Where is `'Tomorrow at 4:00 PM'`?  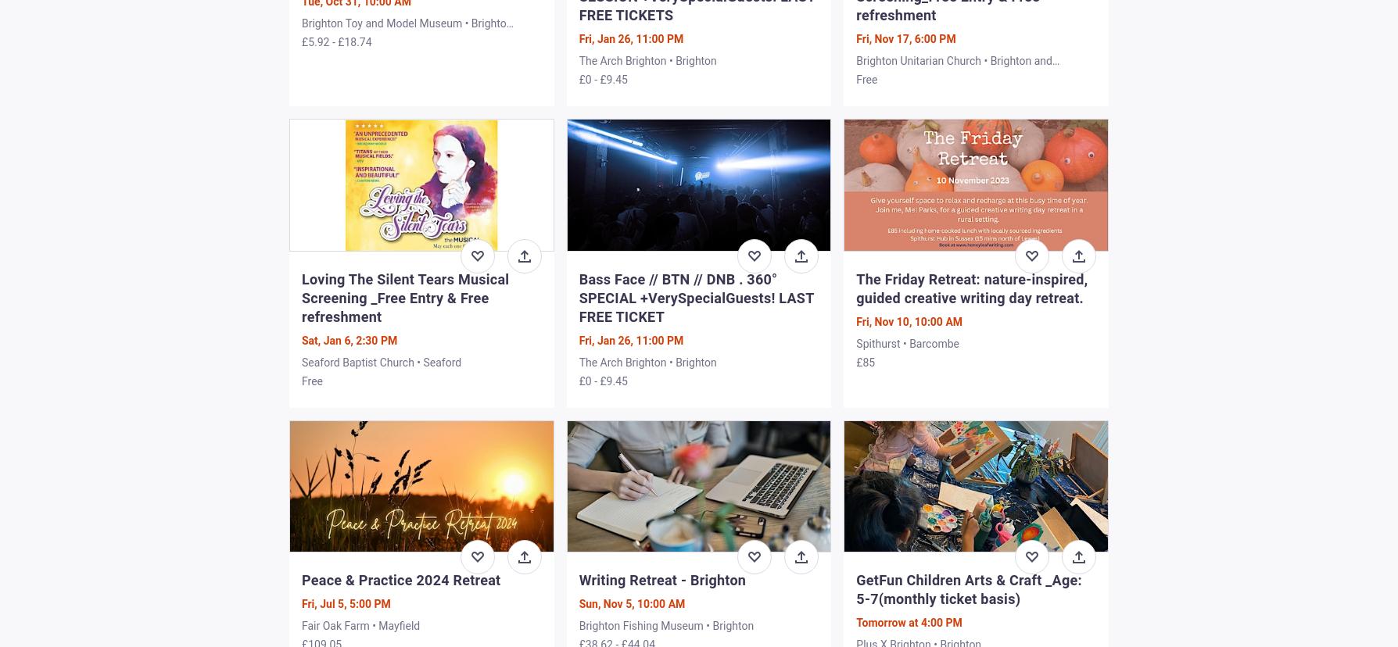
'Tomorrow at 4:00 PM' is located at coordinates (908, 621).